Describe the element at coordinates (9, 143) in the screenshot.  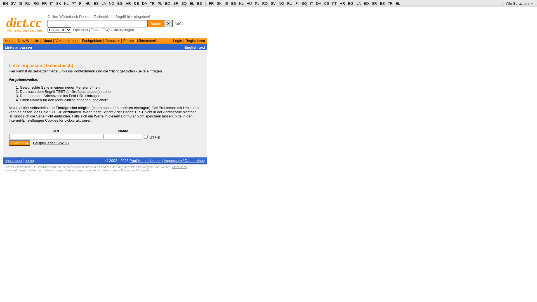
I see `'Speichern'` at that location.